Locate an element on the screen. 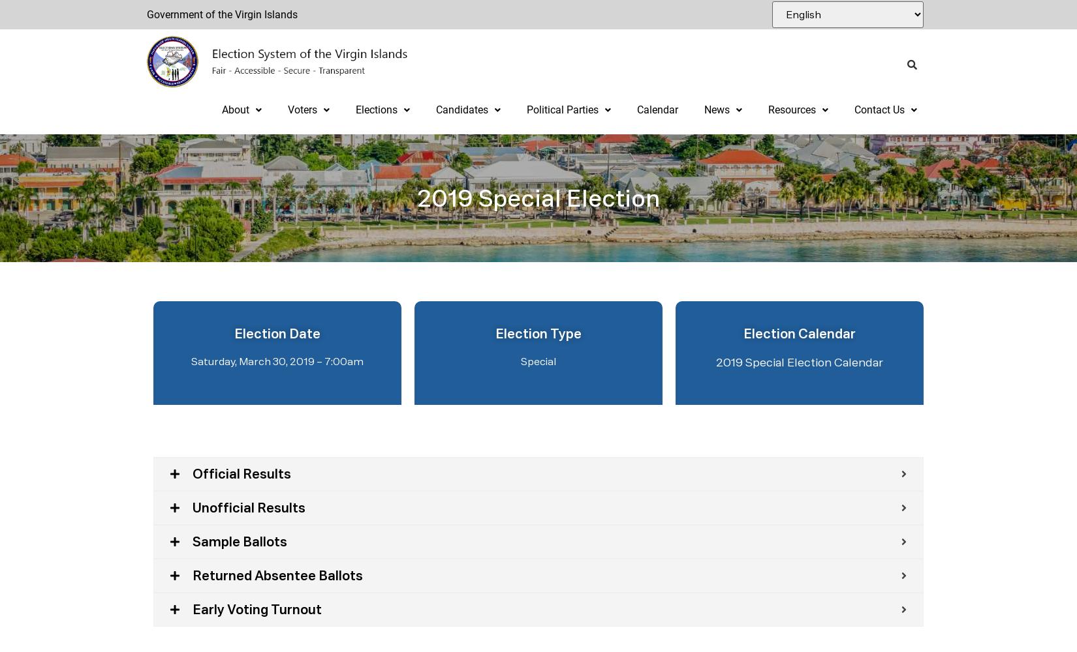 Image resolution: width=1077 pixels, height=652 pixels. 'Military and Overseas Voting (MOVE)' is located at coordinates (373, 326).